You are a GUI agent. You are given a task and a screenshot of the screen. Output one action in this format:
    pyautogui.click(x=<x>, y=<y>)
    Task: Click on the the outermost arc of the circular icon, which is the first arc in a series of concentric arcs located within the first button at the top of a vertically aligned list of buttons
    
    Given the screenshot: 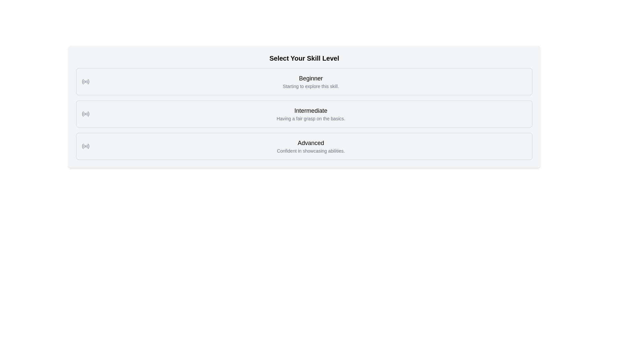 What is the action you would take?
    pyautogui.click(x=82, y=81)
    